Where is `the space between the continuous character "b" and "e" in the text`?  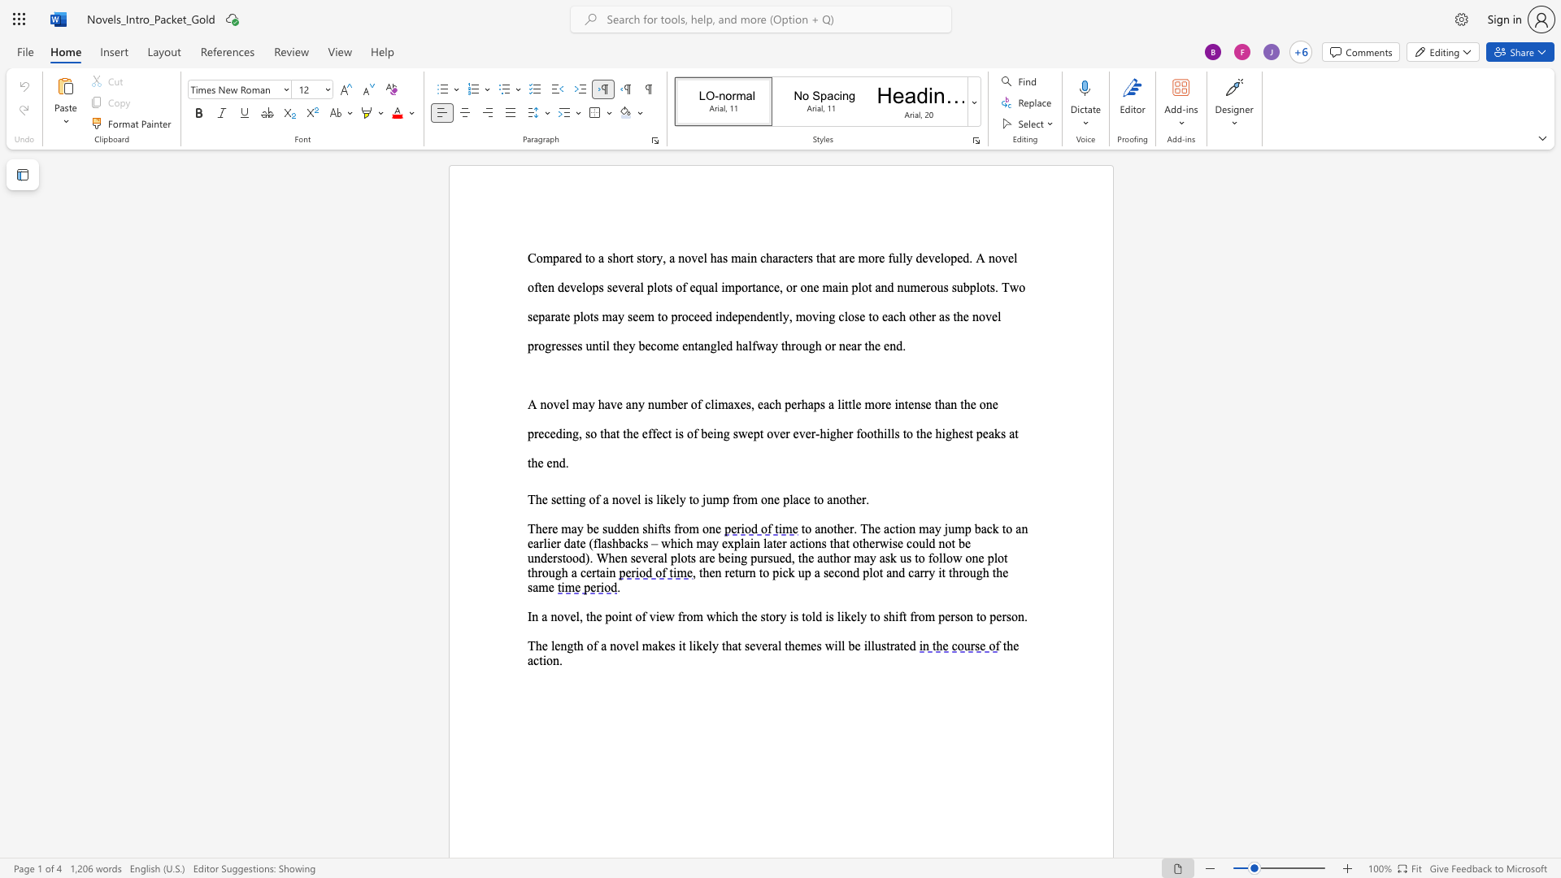
the space between the continuous character "b" and "e" in the text is located at coordinates (644, 345).